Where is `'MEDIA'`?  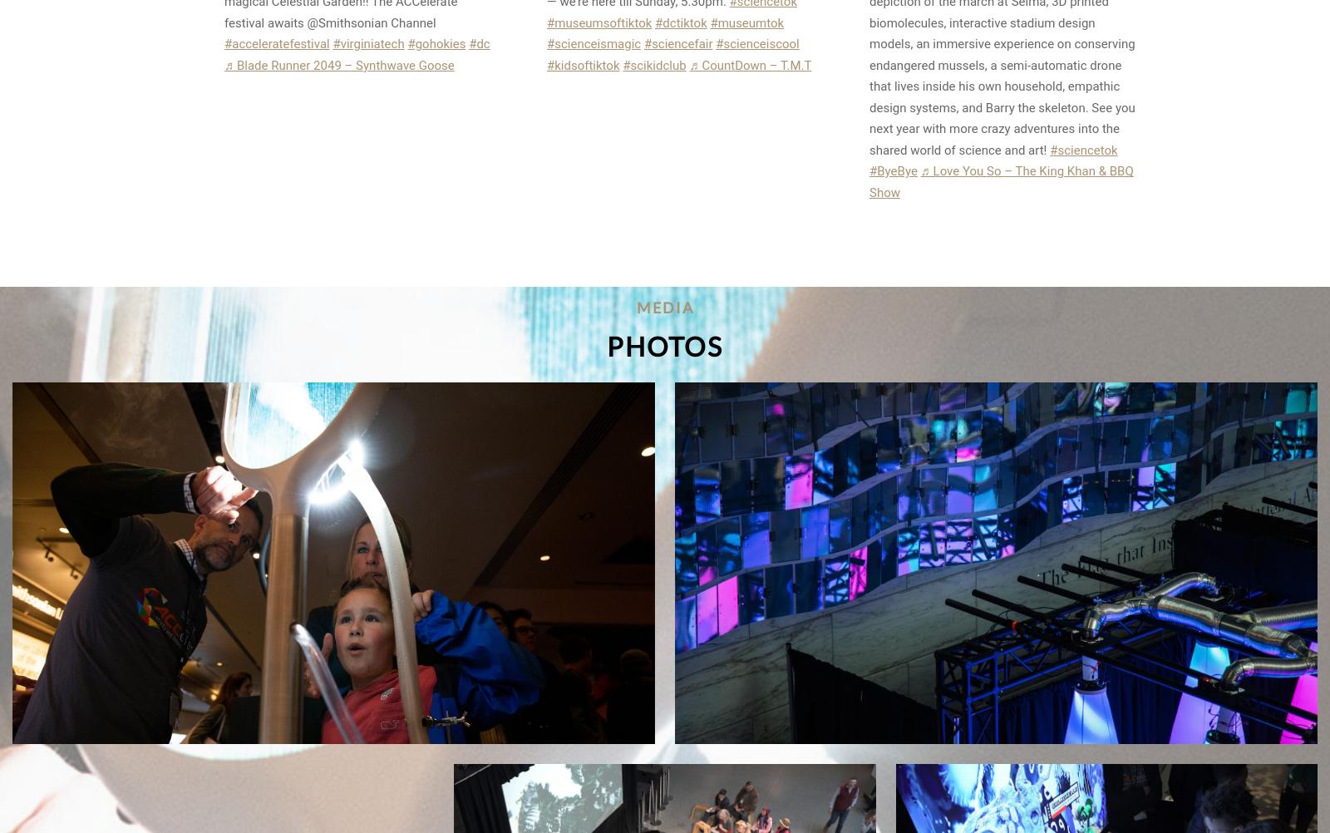 'MEDIA' is located at coordinates (664, 308).